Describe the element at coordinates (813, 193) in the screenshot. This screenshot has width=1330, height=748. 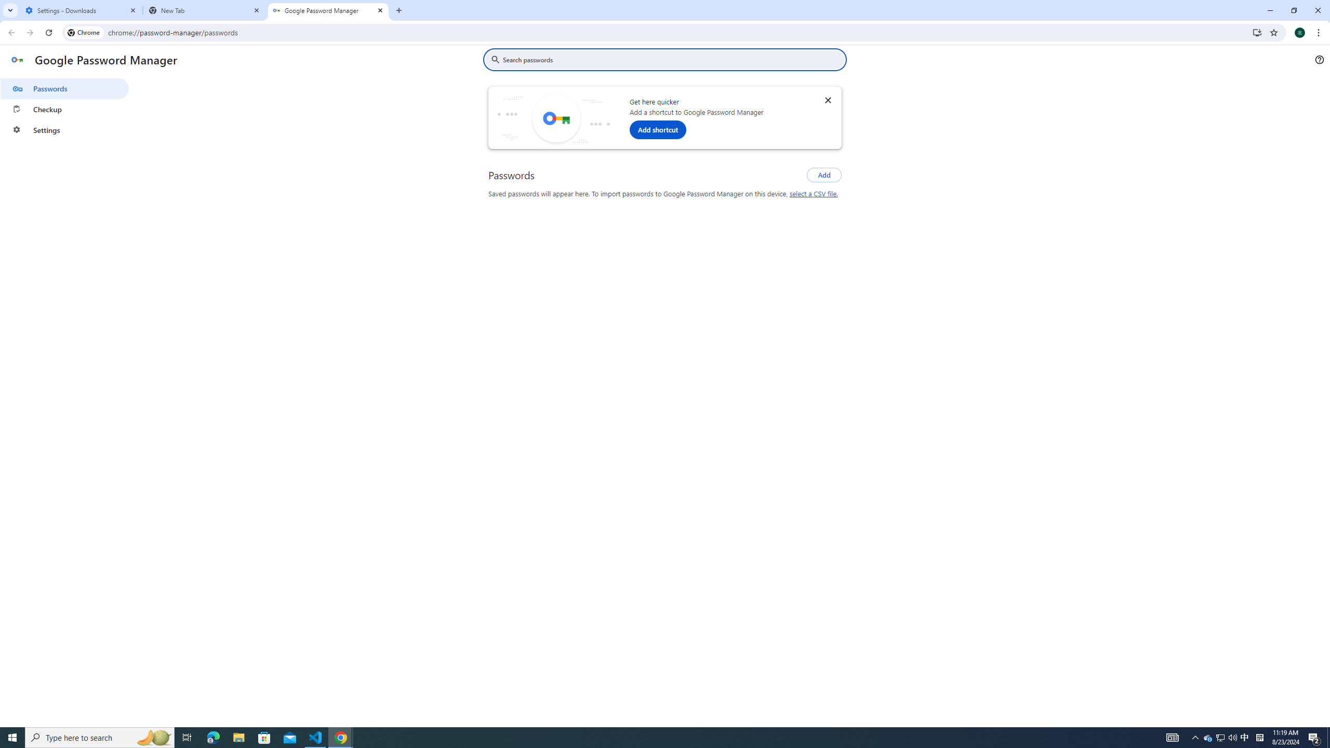
I see `'select a CSV file.'` at that location.